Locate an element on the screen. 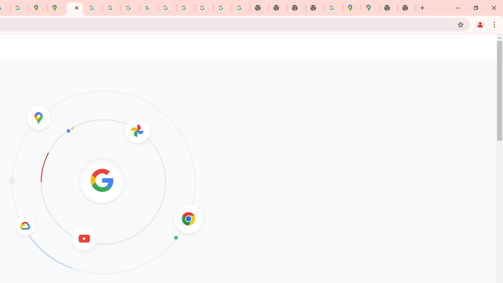 This screenshot has width=503, height=283. 'New Tab' is located at coordinates (389, 8).